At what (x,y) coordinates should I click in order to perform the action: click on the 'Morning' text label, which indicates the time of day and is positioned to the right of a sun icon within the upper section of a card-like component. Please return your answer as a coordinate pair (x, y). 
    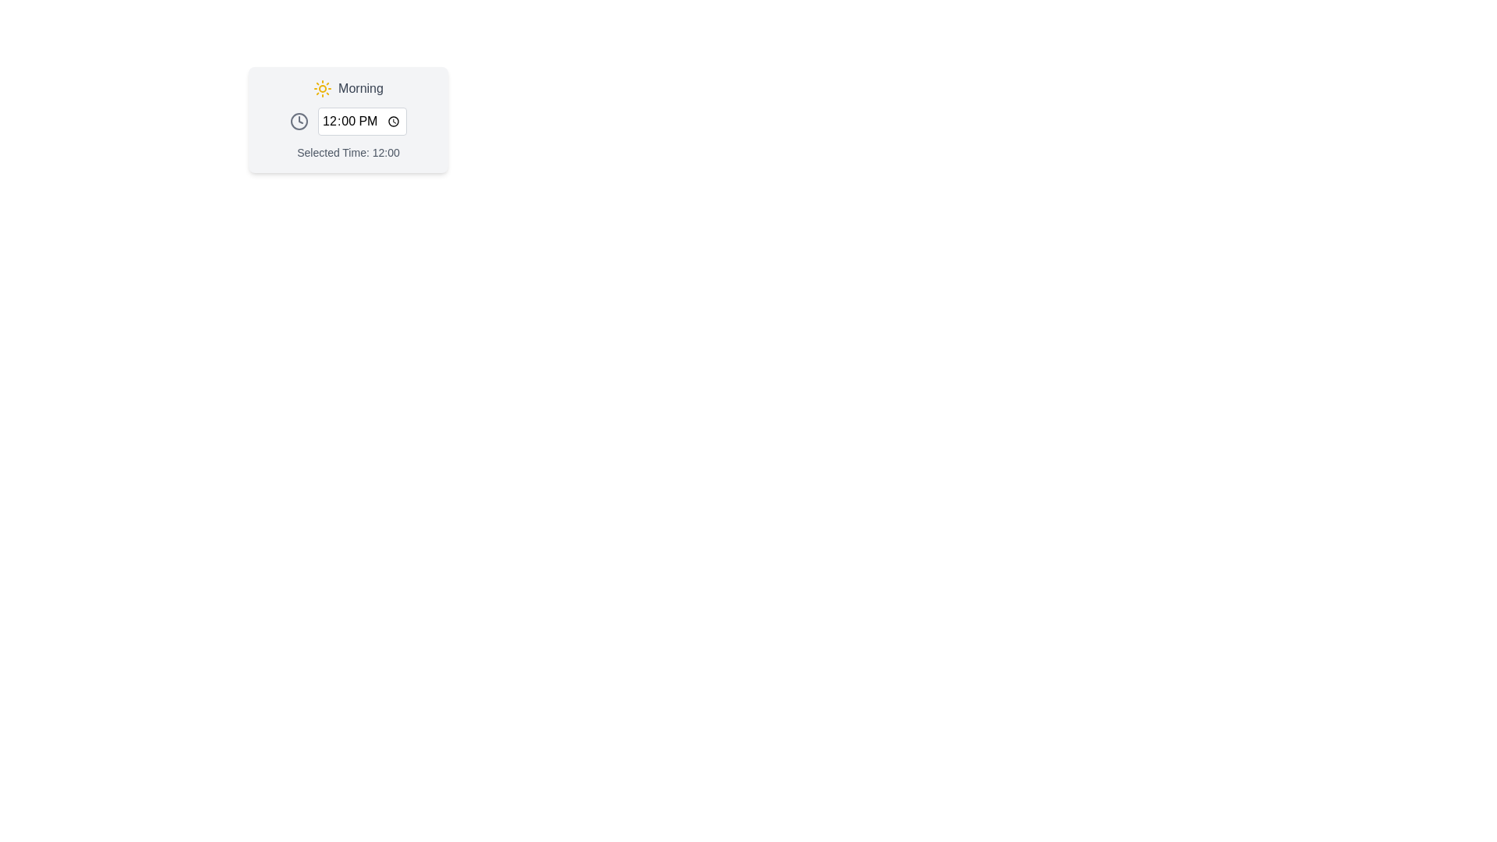
    Looking at the image, I should click on (359, 89).